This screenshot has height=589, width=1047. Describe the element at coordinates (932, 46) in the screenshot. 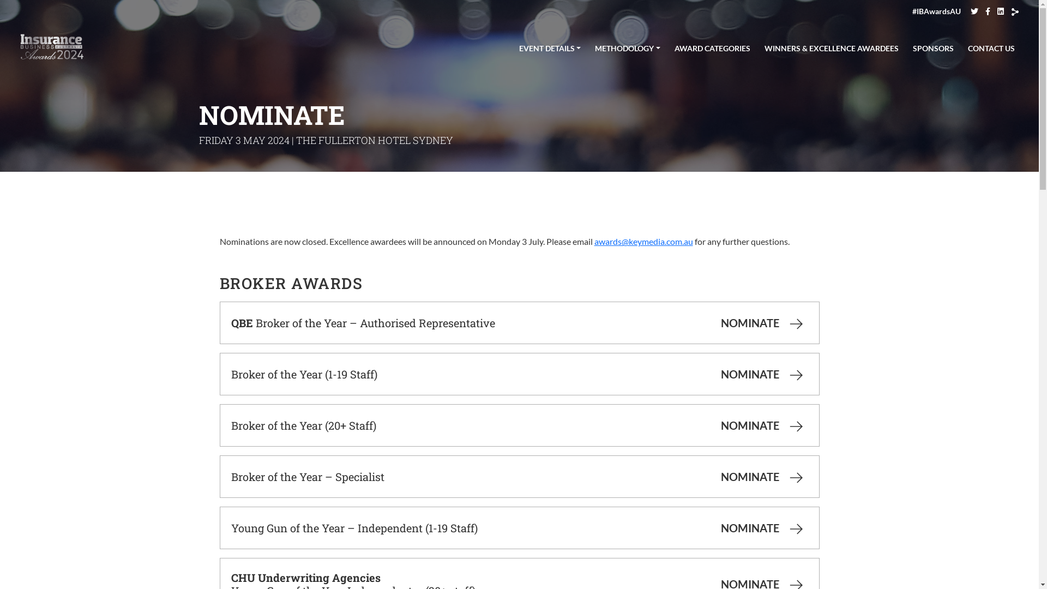

I see `'SPONSORS'` at that location.